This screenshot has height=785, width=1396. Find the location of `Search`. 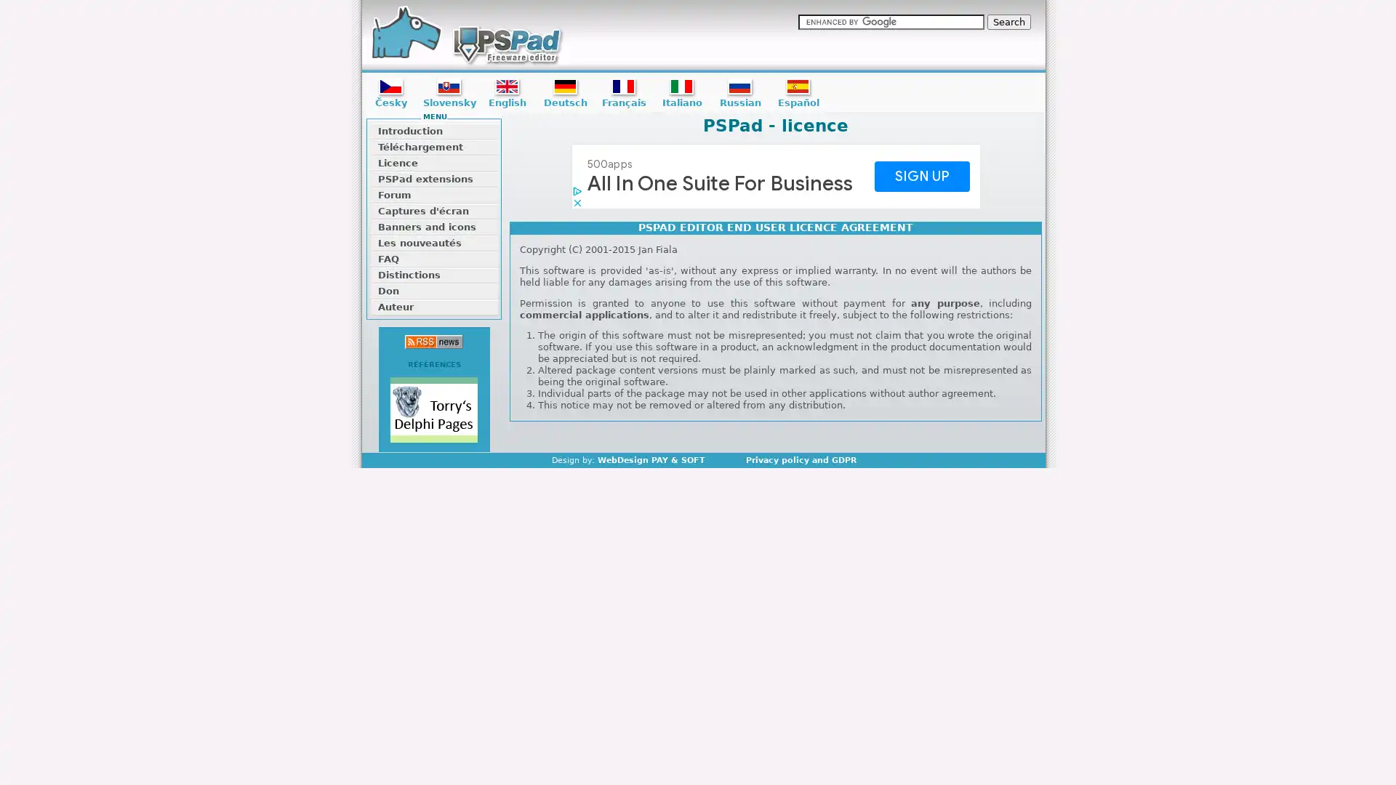

Search is located at coordinates (1008, 22).